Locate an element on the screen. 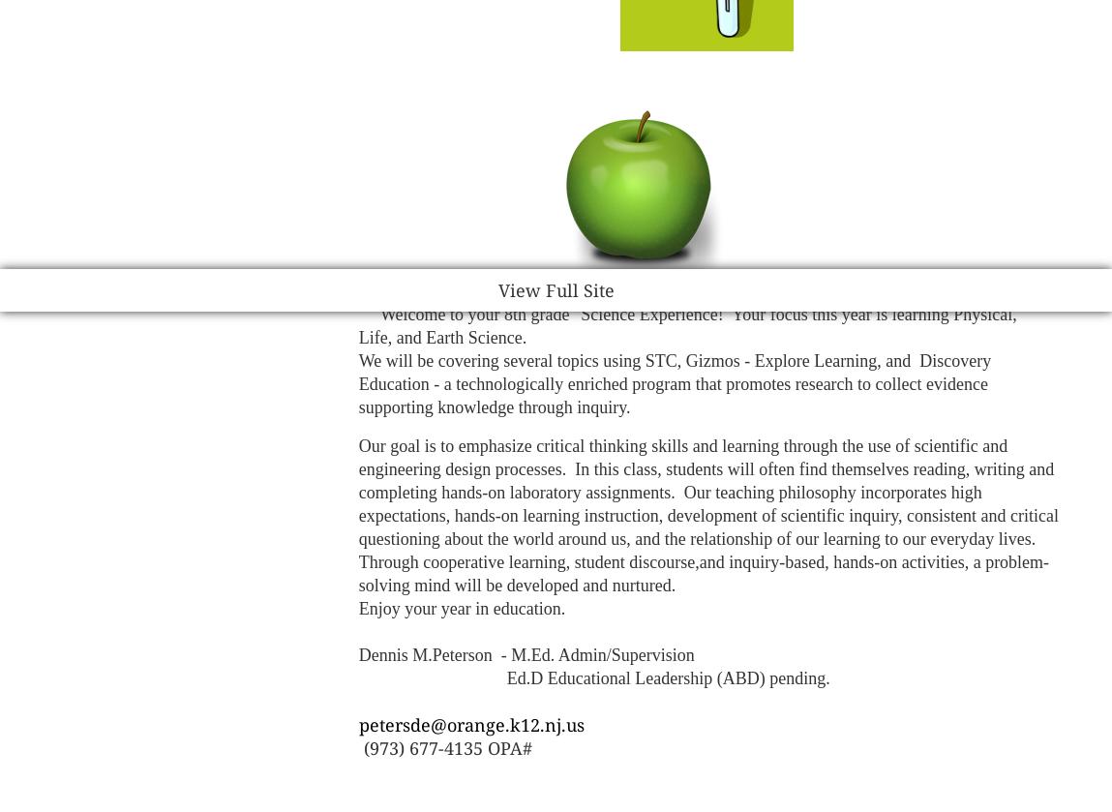  'Ed.D Educational Leadership (ABD) pending.' is located at coordinates (356, 677).